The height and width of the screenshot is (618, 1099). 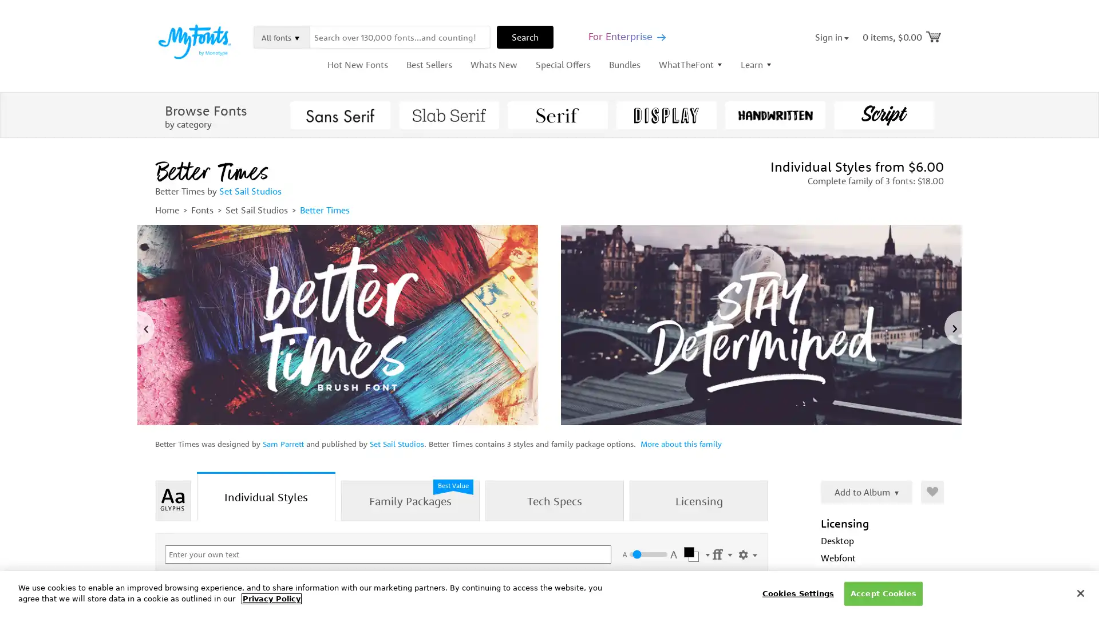 I want to click on Settings Menu, so click(x=722, y=554).